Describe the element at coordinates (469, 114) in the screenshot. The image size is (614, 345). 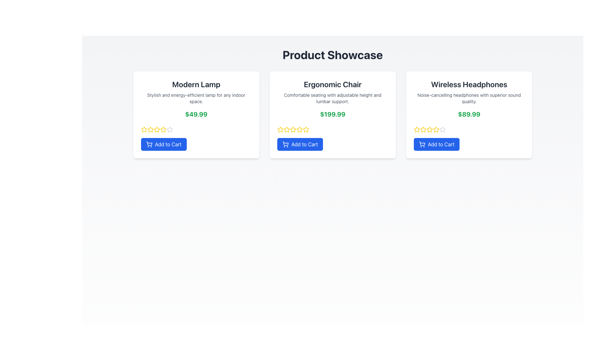
I see `the Text Label displaying the price of the product 'Wireless Headphones' located at the center of the bottom half of its card` at that location.